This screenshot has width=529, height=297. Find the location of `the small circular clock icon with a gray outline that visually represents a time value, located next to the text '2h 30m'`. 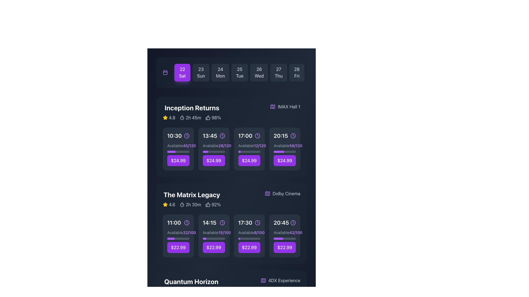

the small circular clock icon with a gray outline that visually represents a time value, located next to the text '2h 30m' is located at coordinates (182, 205).